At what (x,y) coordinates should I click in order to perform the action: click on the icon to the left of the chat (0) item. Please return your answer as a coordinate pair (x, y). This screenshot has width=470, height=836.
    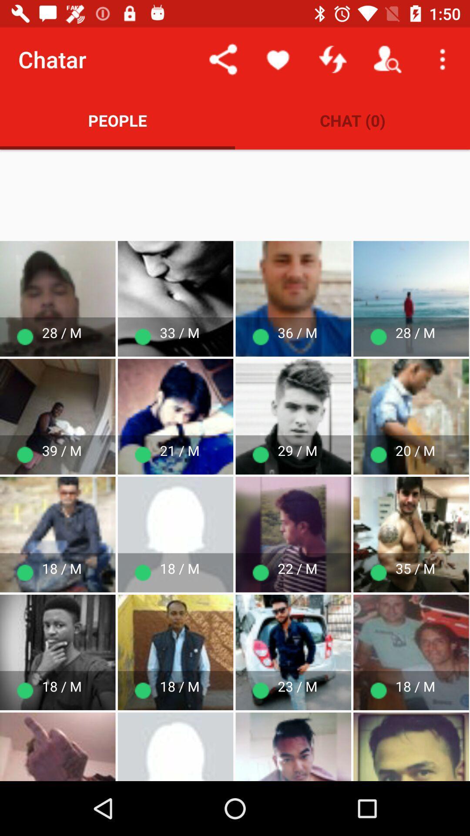
    Looking at the image, I should click on (117, 120).